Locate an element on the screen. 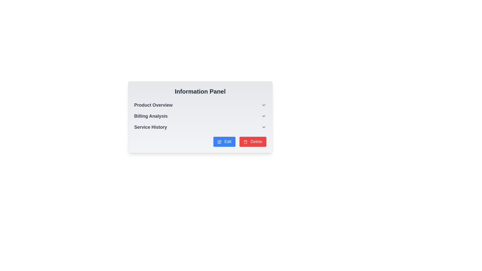 This screenshot has width=482, height=271. the downward-pointing chevron icon of the Dropdown toggle button located on the right side of the 'Product Overview' text in the Information Panel is located at coordinates (263, 105).